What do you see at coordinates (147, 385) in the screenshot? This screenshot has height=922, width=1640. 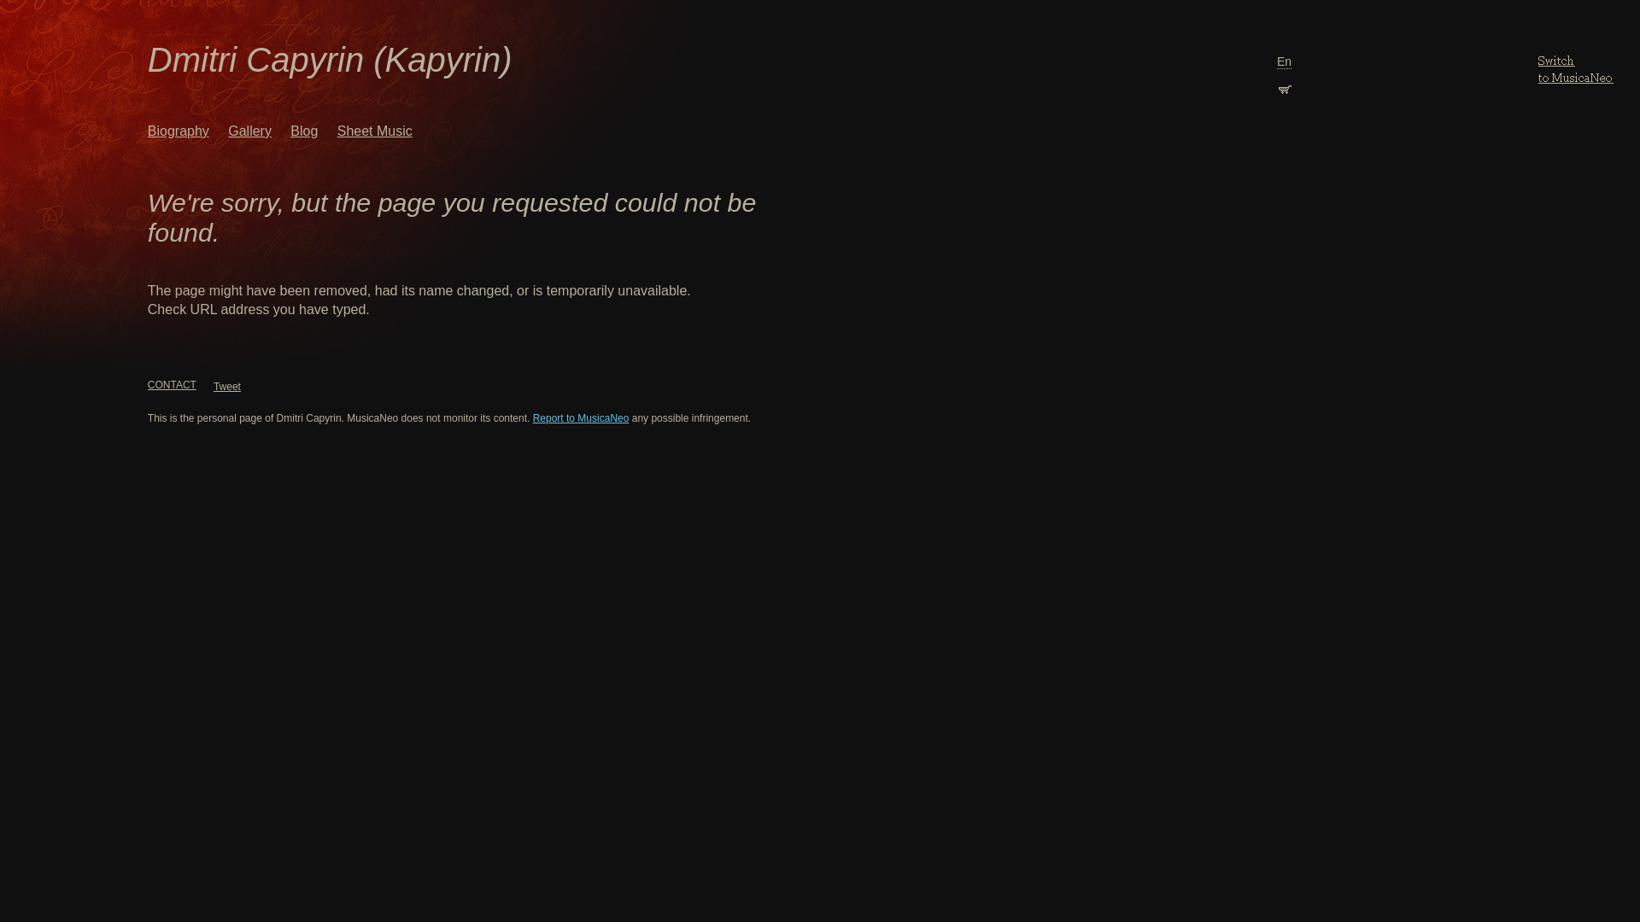 I see `'CONTACT'` at bounding box center [147, 385].